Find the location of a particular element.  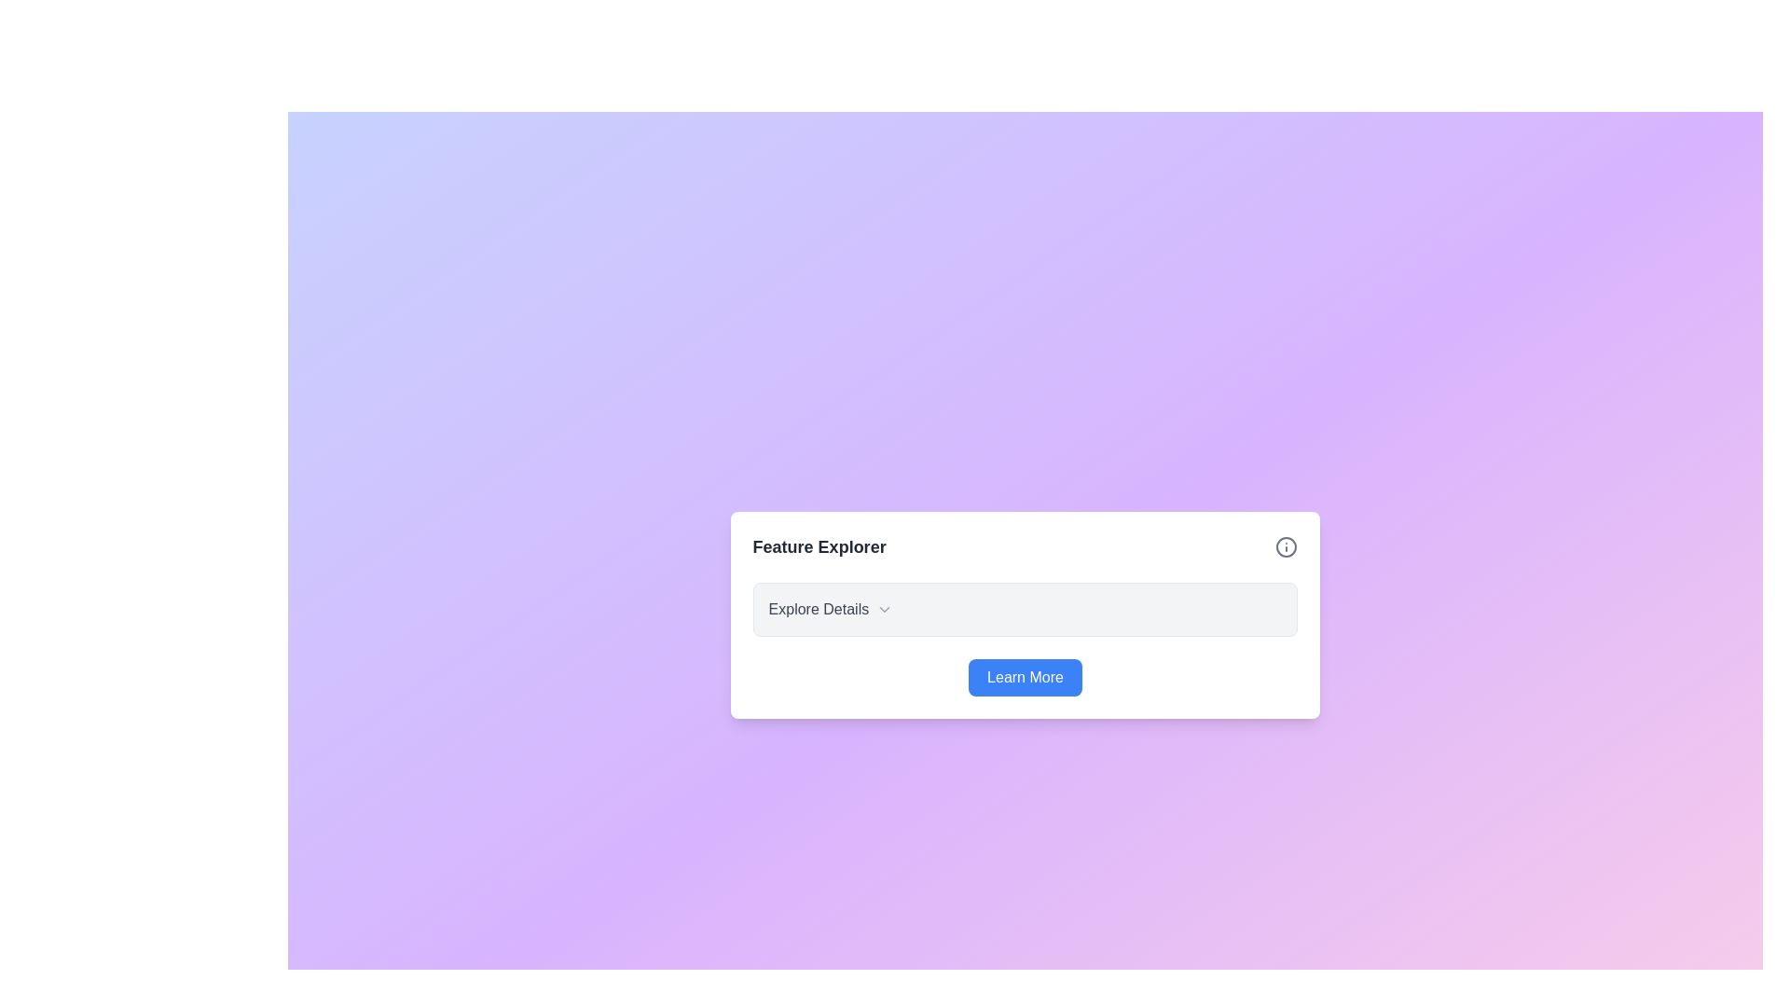

the information icon located in the top-right corner of the 'Feature Explorer' header section is located at coordinates (1286, 545).